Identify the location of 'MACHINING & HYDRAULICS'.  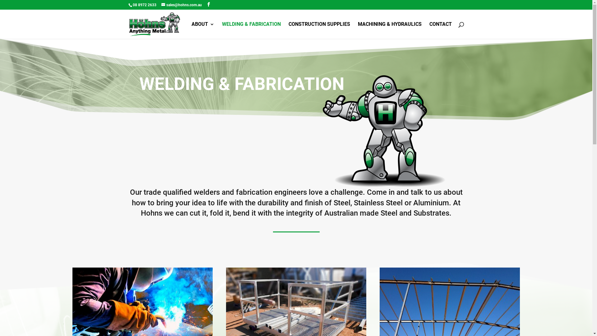
(358, 30).